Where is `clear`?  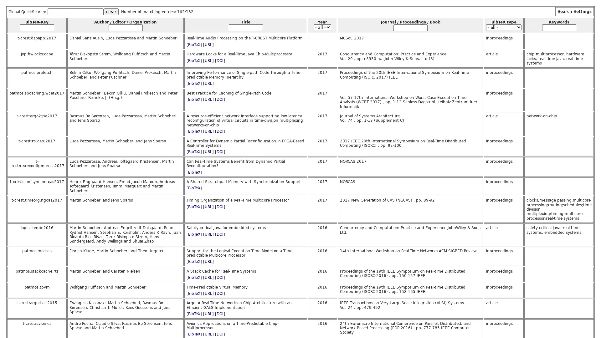
clear is located at coordinates (111, 12).